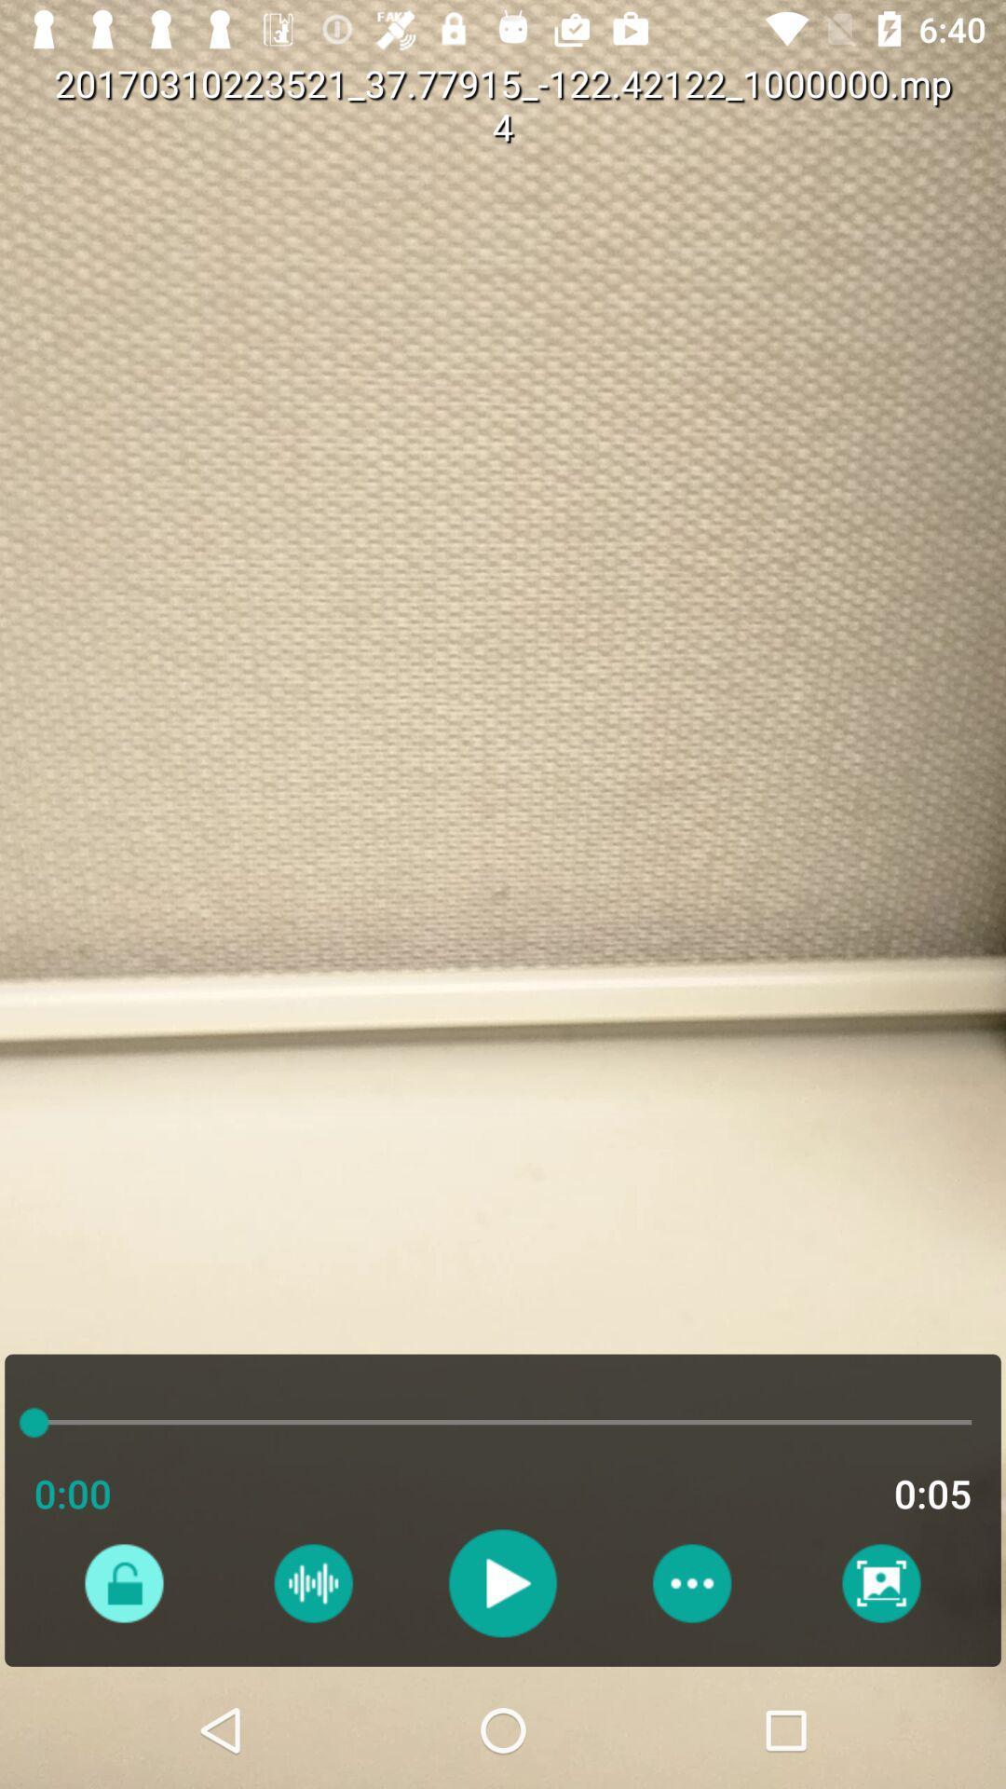 The image size is (1006, 1789). What do you see at coordinates (124, 1582) in the screenshot?
I see `the lock icon` at bounding box center [124, 1582].